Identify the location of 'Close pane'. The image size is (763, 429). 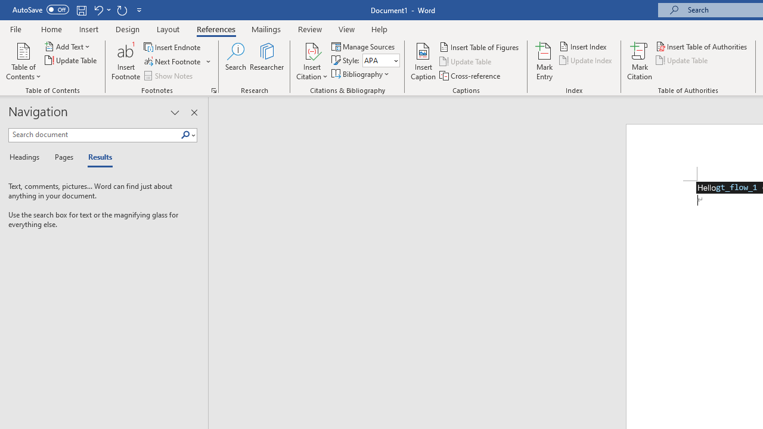
(194, 113).